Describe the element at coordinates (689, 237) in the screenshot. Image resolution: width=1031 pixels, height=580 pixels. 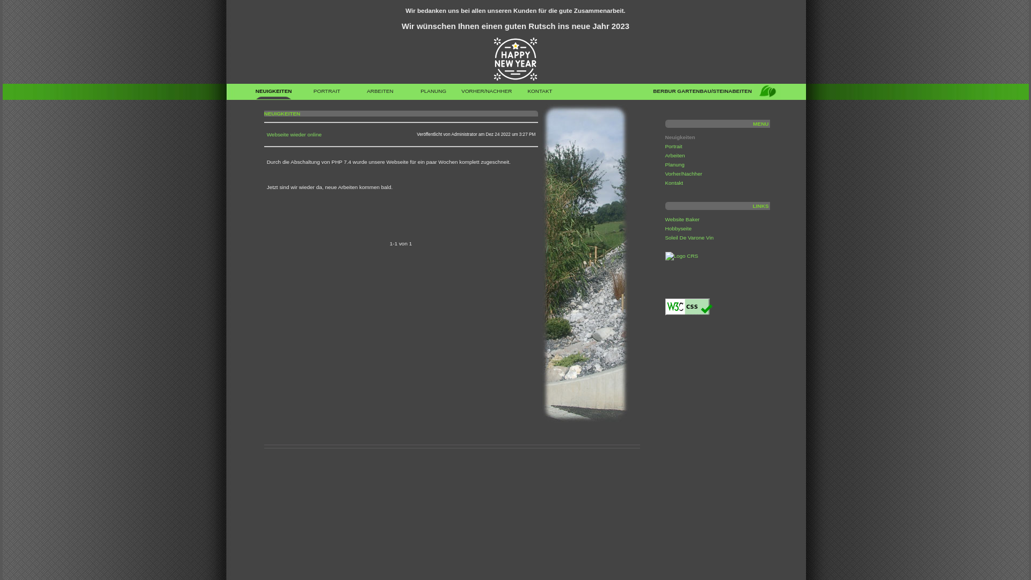
I see `'Soleil De Varone Vin'` at that location.